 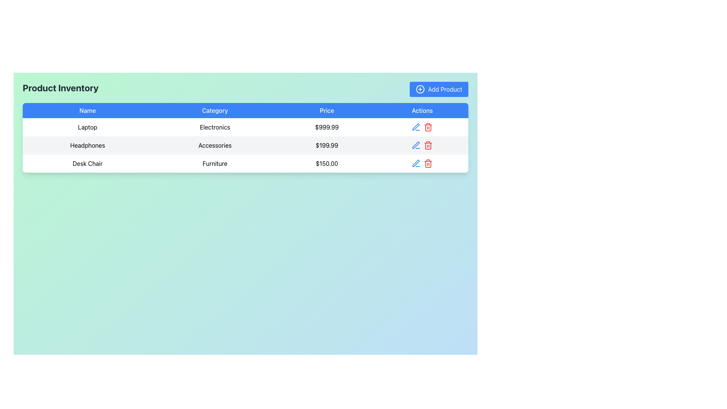 What do you see at coordinates (87, 126) in the screenshot?
I see `the text label displaying 'Laptop' in the first row under the 'Name' header of the product inventory table` at bounding box center [87, 126].